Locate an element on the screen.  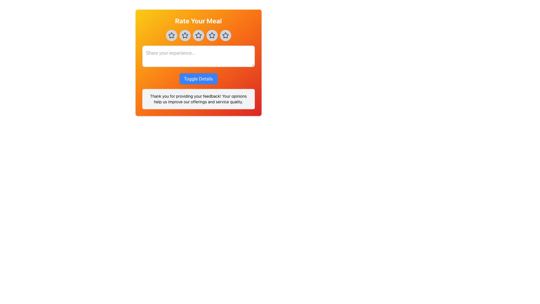
the first star icon in the five-star rating control under the 'Rate Your Meal' title is located at coordinates (171, 35).